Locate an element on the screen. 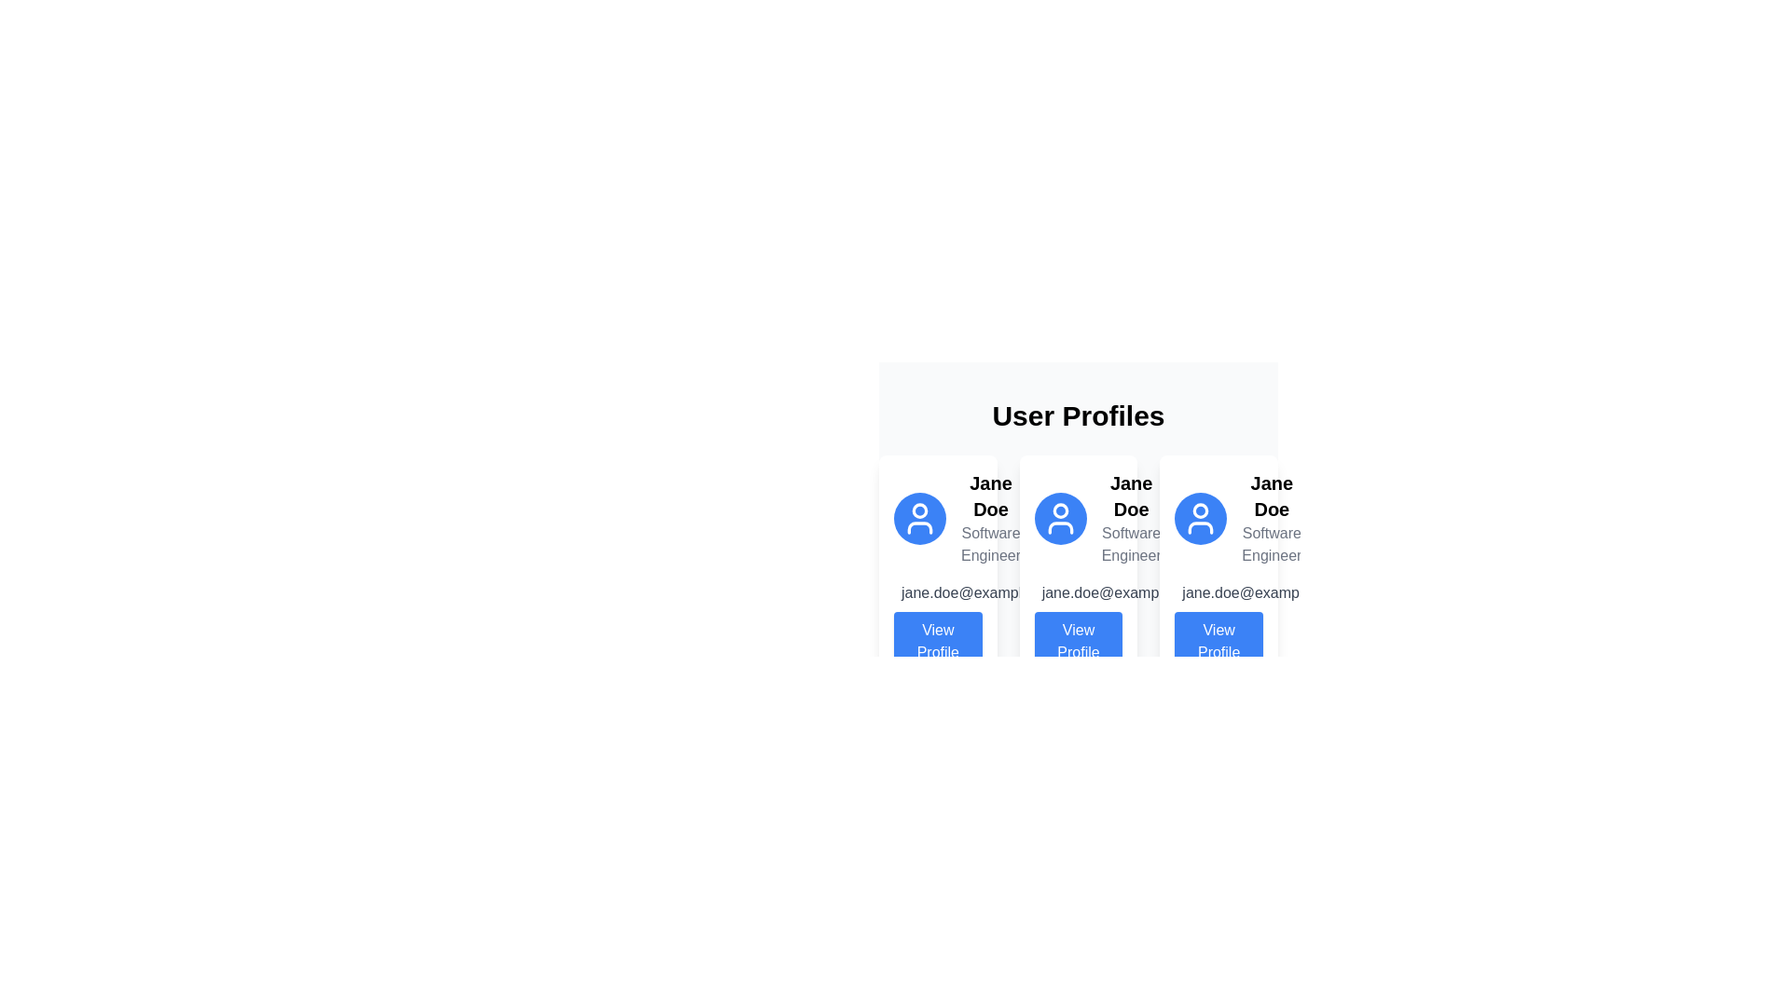  the static label displaying 'jane.doe@example.com' with a mail icon, located between the job title 'Jane Doe, Software Engineer' and the 'View Profile' button is located at coordinates (1078, 592).